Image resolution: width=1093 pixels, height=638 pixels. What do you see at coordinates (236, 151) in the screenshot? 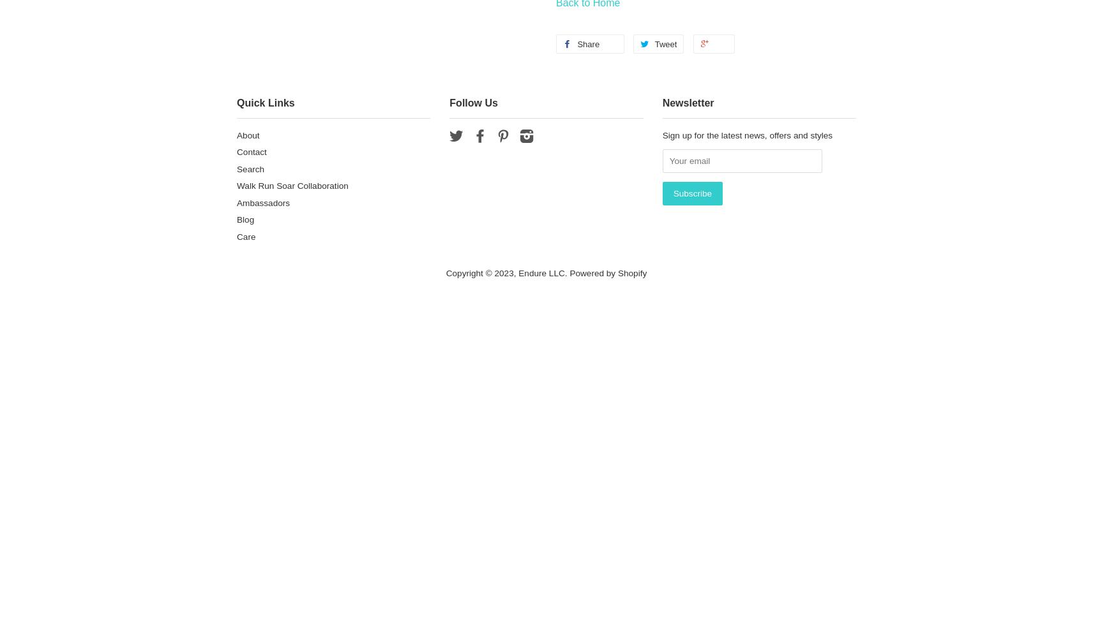
I see `'Contact'` at bounding box center [236, 151].